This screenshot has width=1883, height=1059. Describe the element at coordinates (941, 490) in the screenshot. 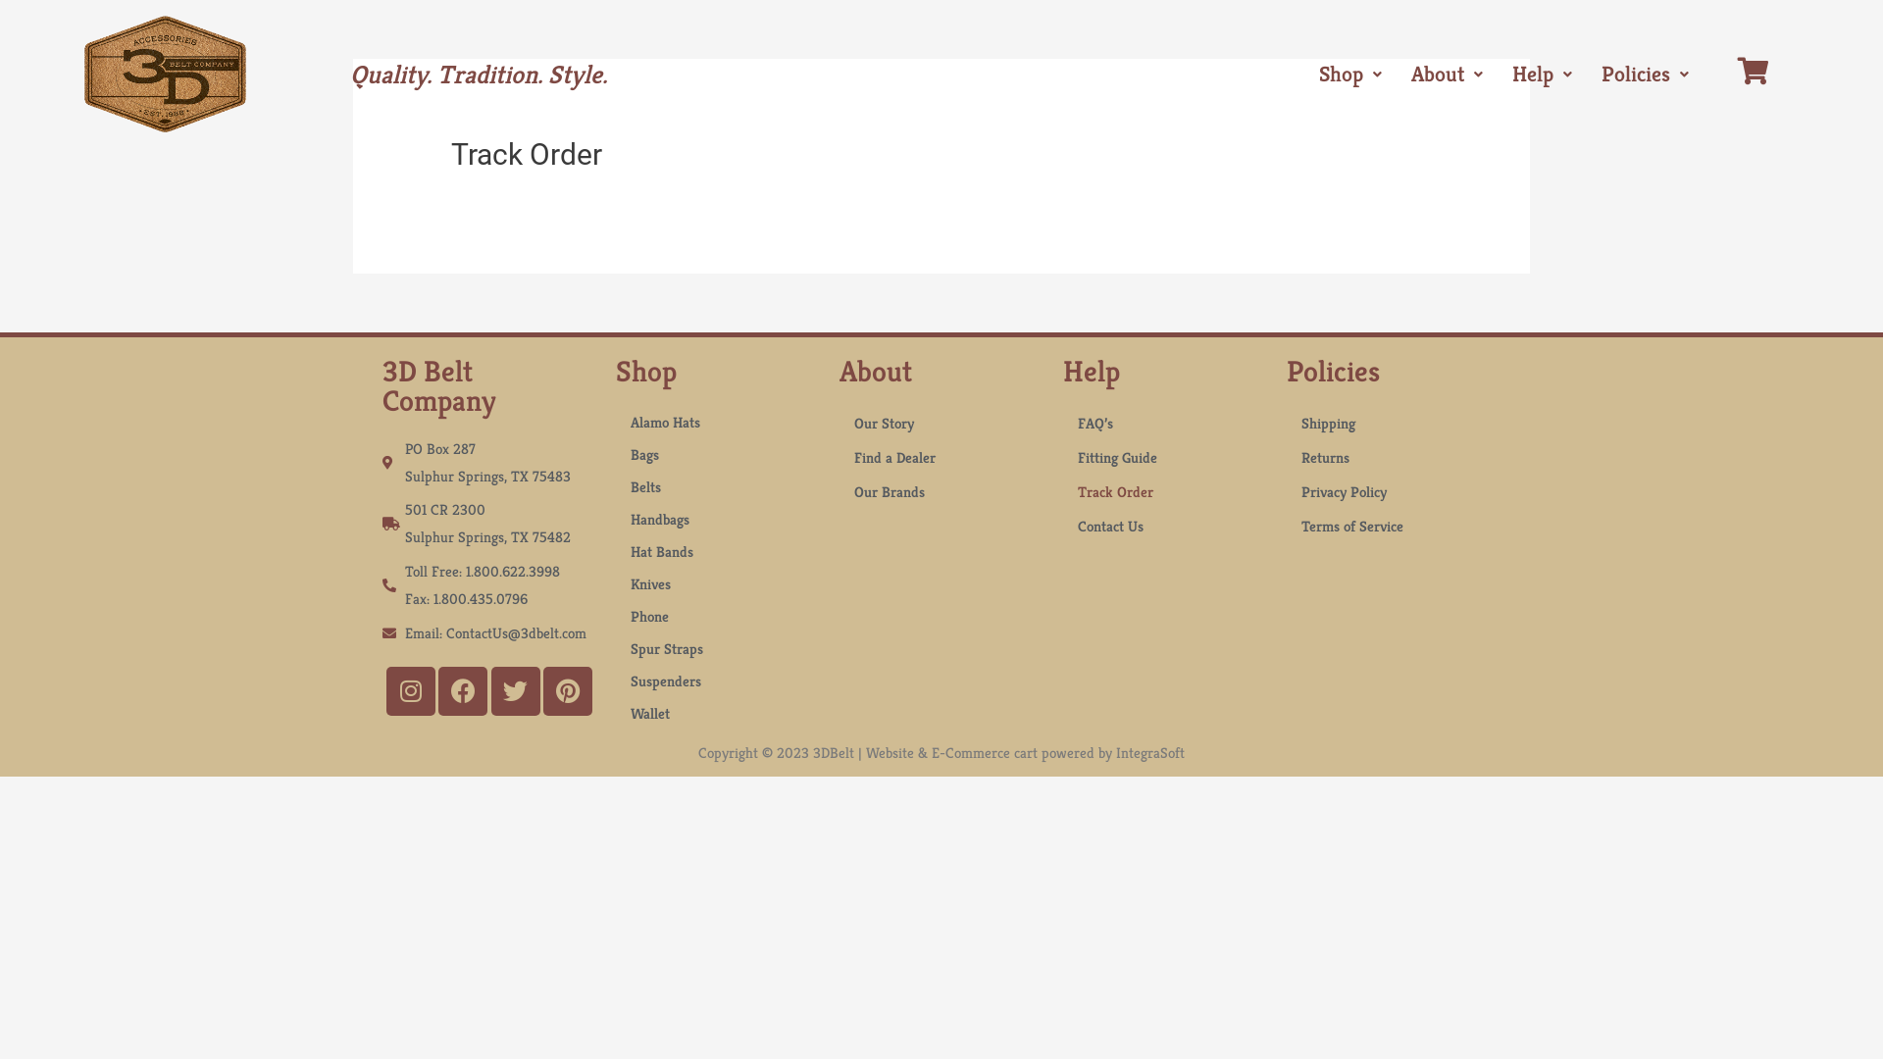

I see `'Our Brands'` at that location.